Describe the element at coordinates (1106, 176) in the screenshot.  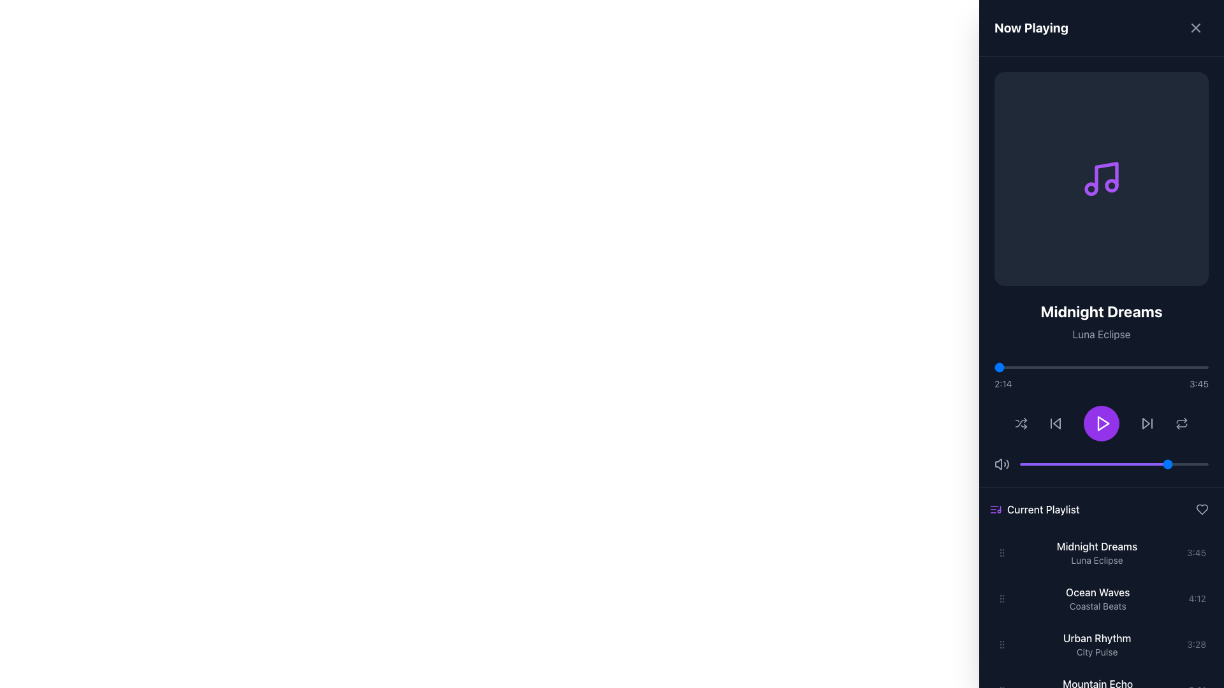
I see `the narrow, vertical music note stem icon located centrally within the music player interface` at that location.